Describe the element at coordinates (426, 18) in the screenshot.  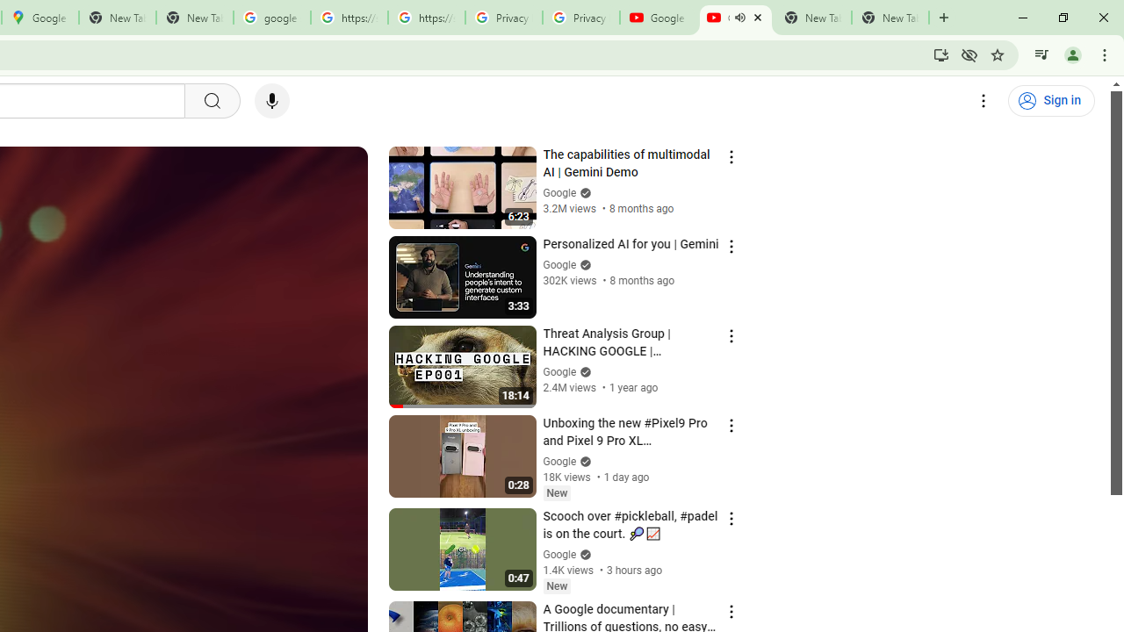
I see `'https://scholar.google.com/'` at that location.